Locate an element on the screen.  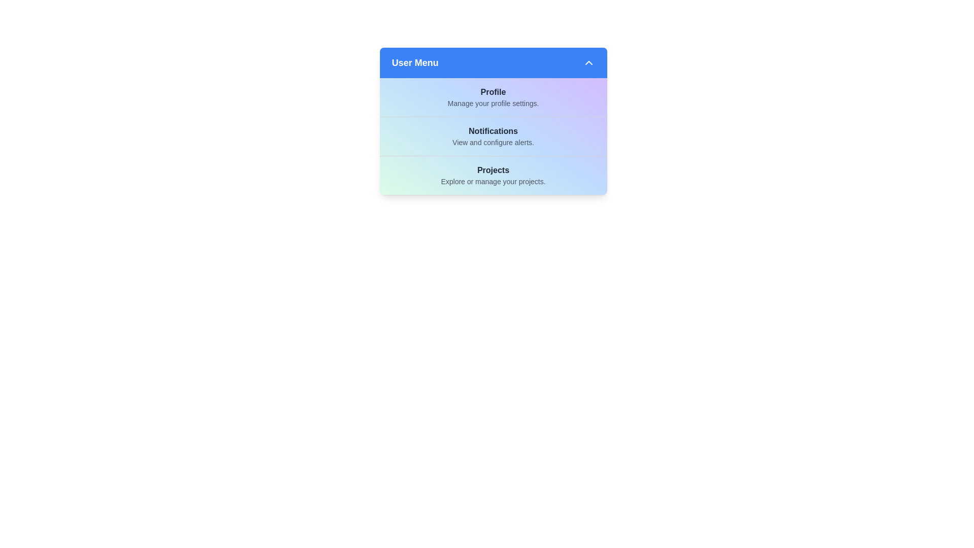
the menu item Profile from the AdvancedMenu is located at coordinates (493, 97).